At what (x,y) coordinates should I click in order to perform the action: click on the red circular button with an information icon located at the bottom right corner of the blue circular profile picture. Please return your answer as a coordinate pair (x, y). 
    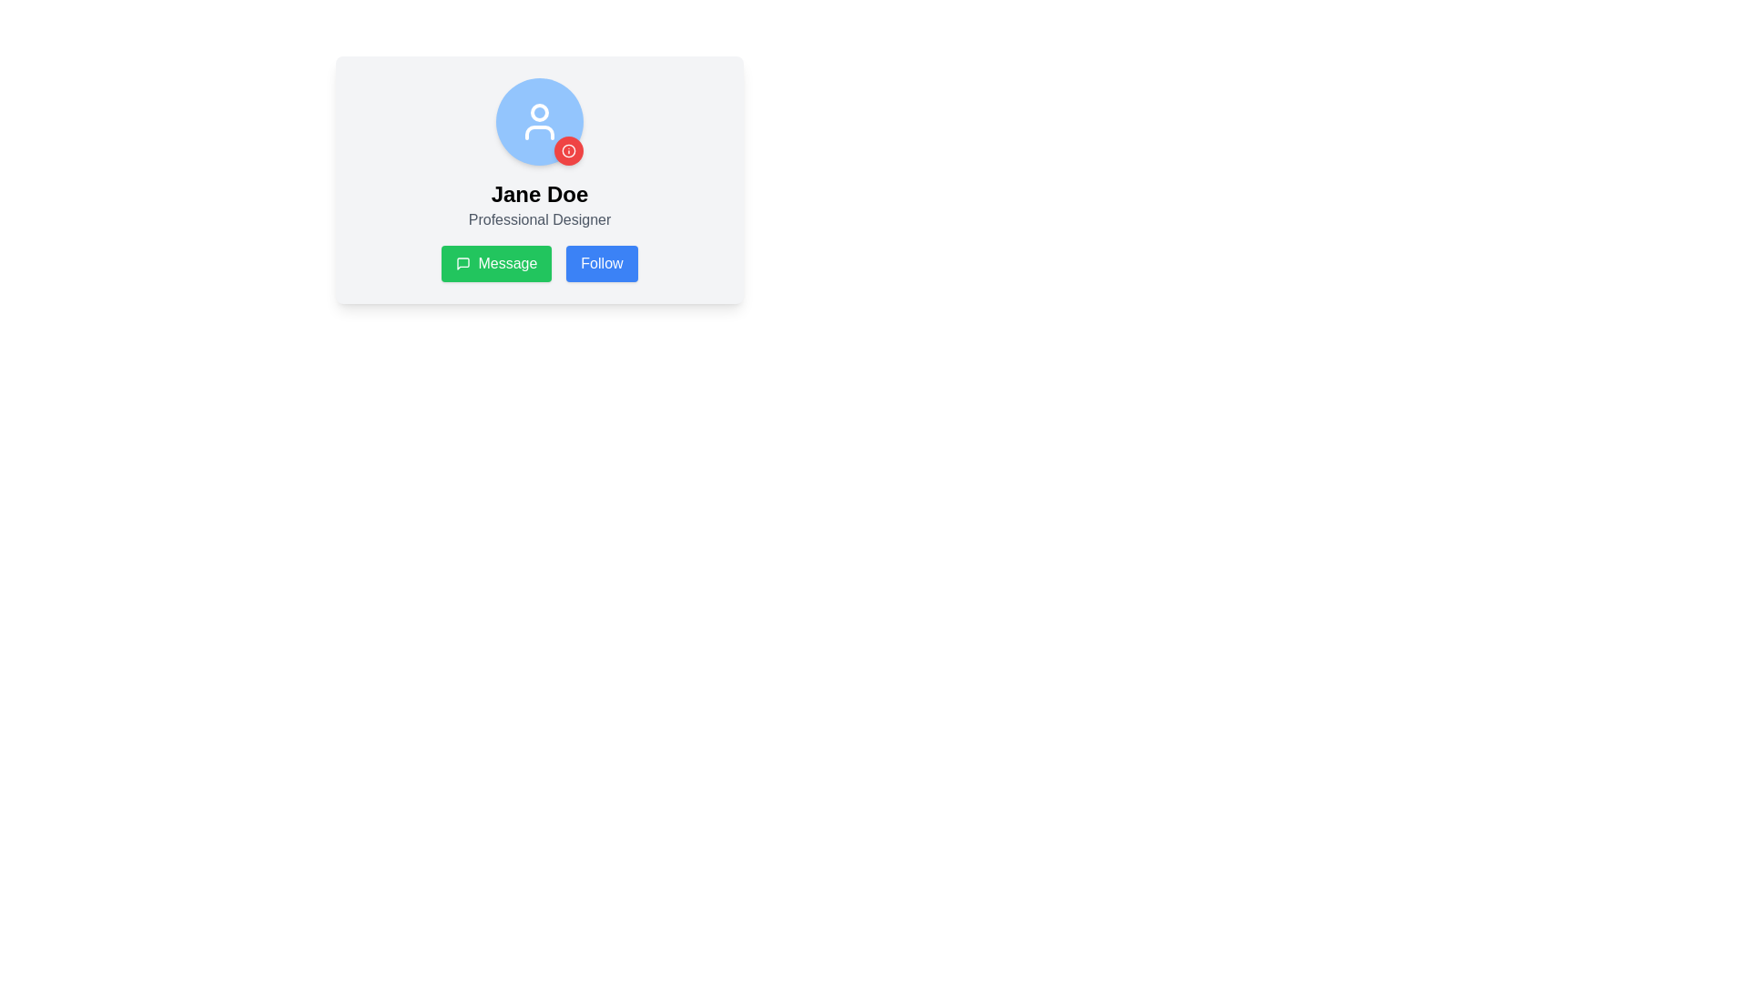
    Looking at the image, I should click on (567, 149).